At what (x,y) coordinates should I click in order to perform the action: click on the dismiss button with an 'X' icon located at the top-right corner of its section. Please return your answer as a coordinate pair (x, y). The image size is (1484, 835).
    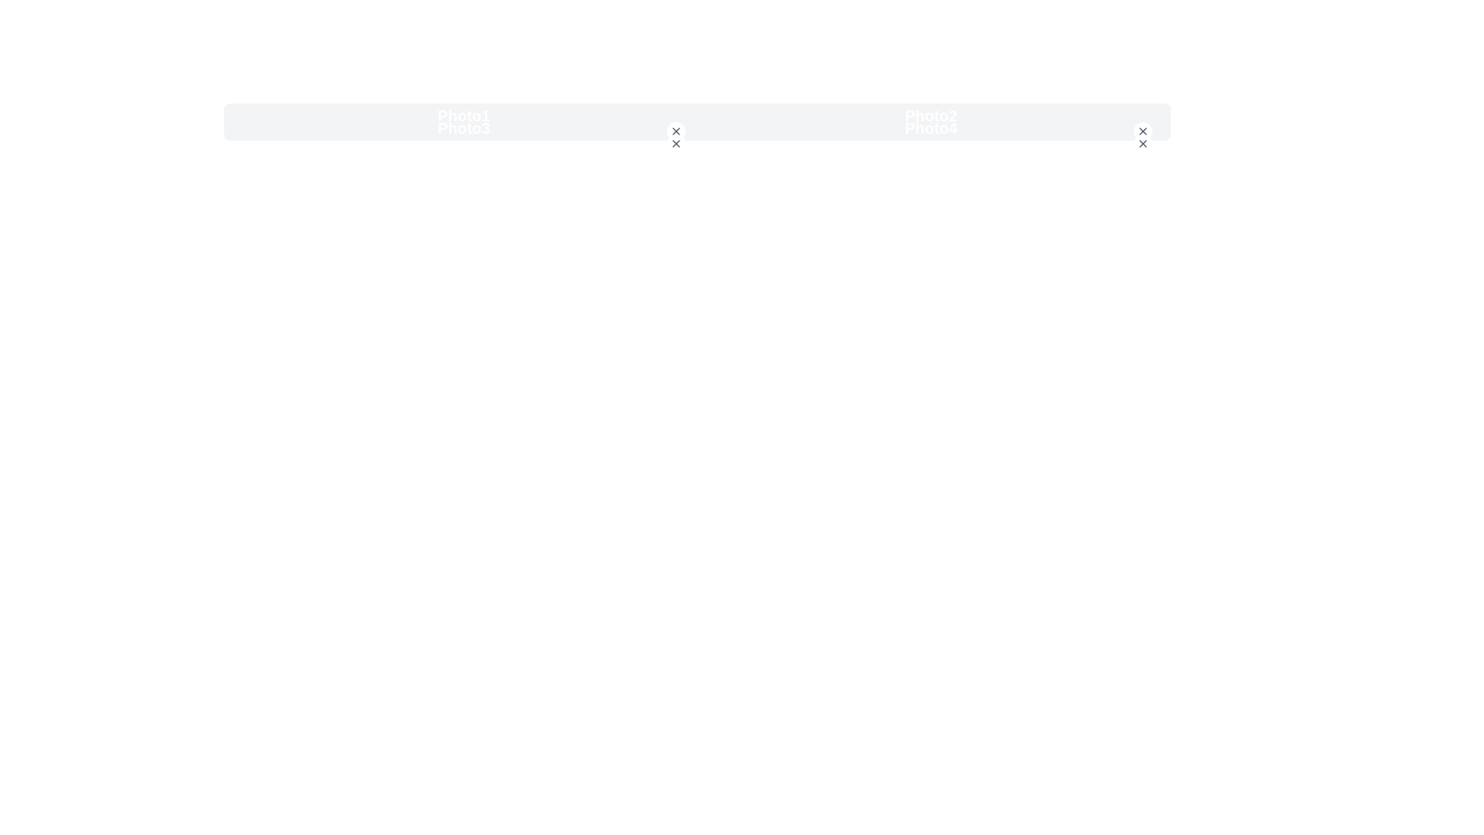
    Looking at the image, I should click on (1142, 130).